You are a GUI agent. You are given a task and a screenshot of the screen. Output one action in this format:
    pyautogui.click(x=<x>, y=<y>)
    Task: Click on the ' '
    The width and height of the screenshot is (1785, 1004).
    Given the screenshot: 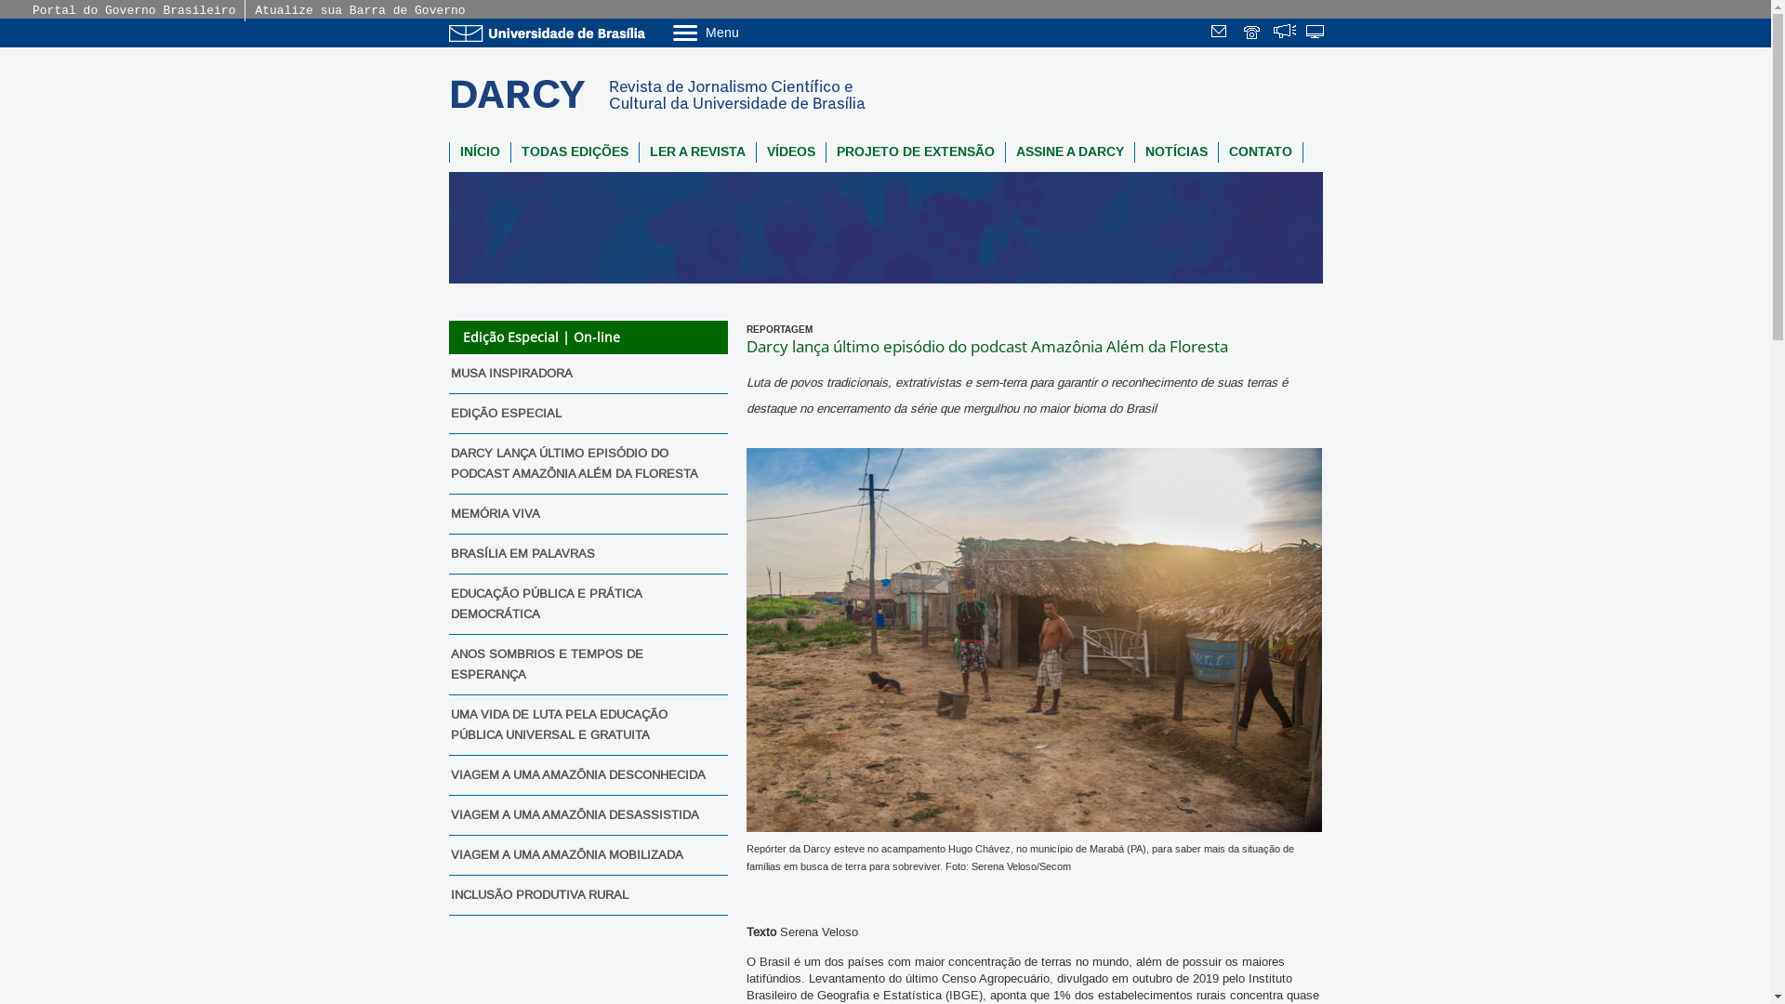 What is the action you would take?
    pyautogui.click(x=1272, y=33)
    